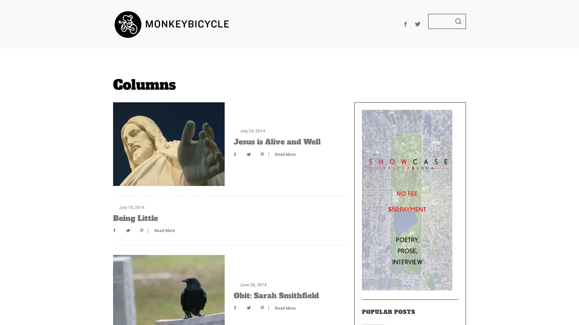 This screenshot has height=325, width=579. Describe the element at coordinates (458, 21) in the screenshot. I see `SEARCH` at that location.